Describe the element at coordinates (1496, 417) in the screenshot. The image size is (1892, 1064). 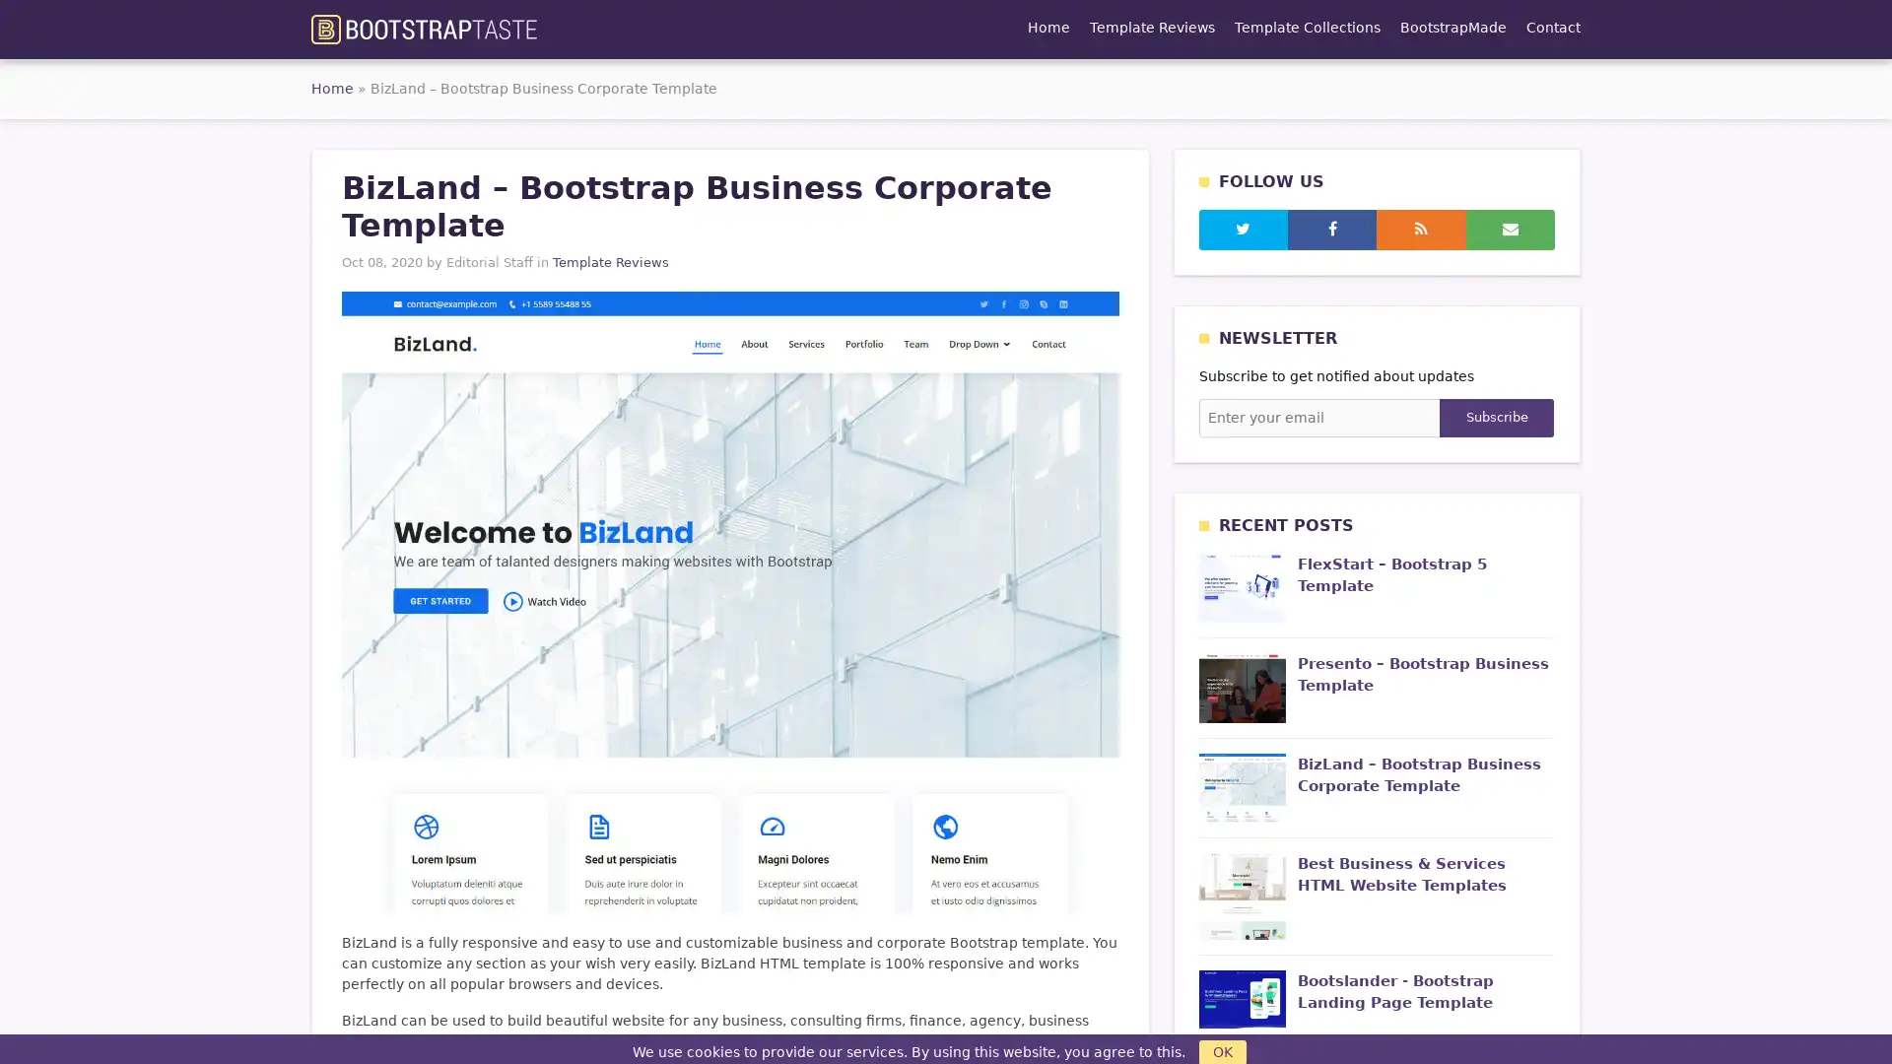
I see `Subscribe` at that location.